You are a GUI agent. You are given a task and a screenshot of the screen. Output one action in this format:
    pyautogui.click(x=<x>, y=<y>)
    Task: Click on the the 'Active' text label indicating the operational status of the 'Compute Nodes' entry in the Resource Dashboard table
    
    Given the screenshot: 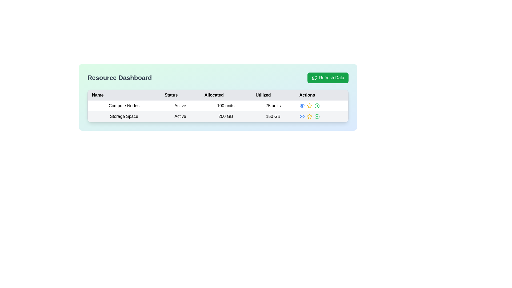 What is the action you would take?
    pyautogui.click(x=180, y=106)
    